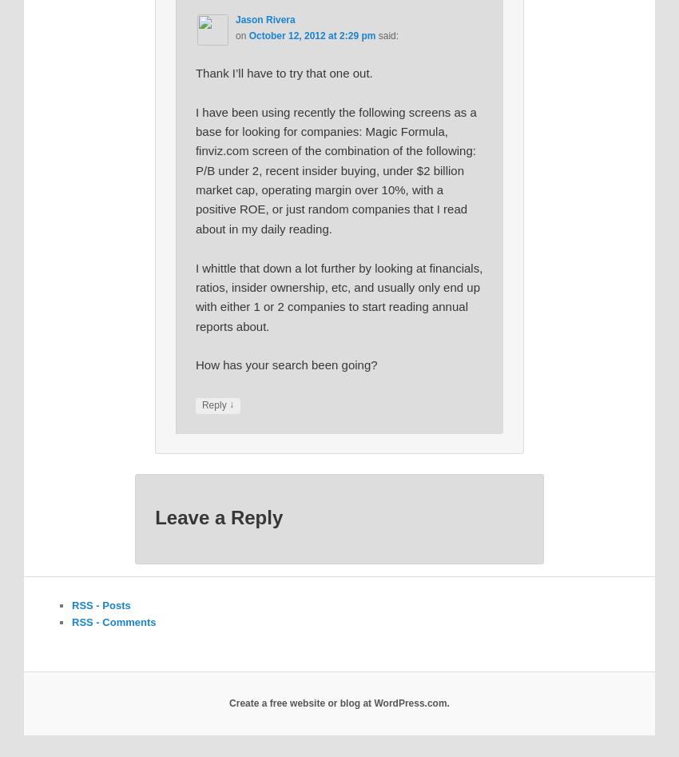  Describe the element at coordinates (100, 604) in the screenshot. I see `'RSS - Posts'` at that location.